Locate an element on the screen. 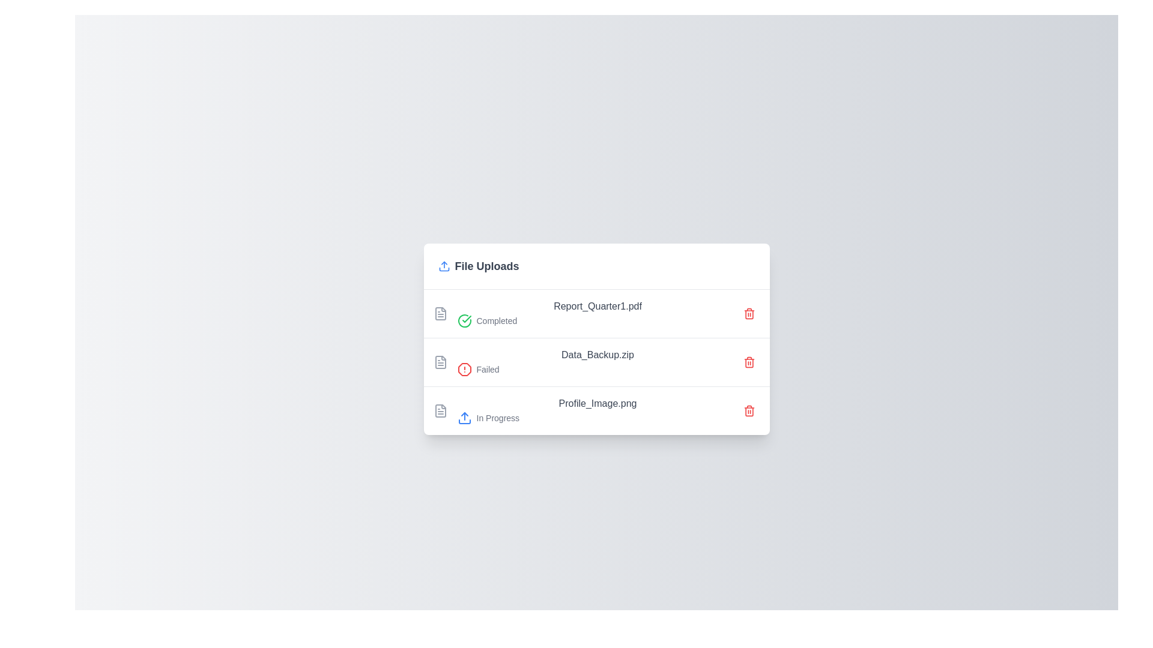  the document icon representing 'Report_Quarter1.pdf', which is the first icon in the file list, located to the left of the file name and above the status indicator 'Completed' is located at coordinates (440, 313).